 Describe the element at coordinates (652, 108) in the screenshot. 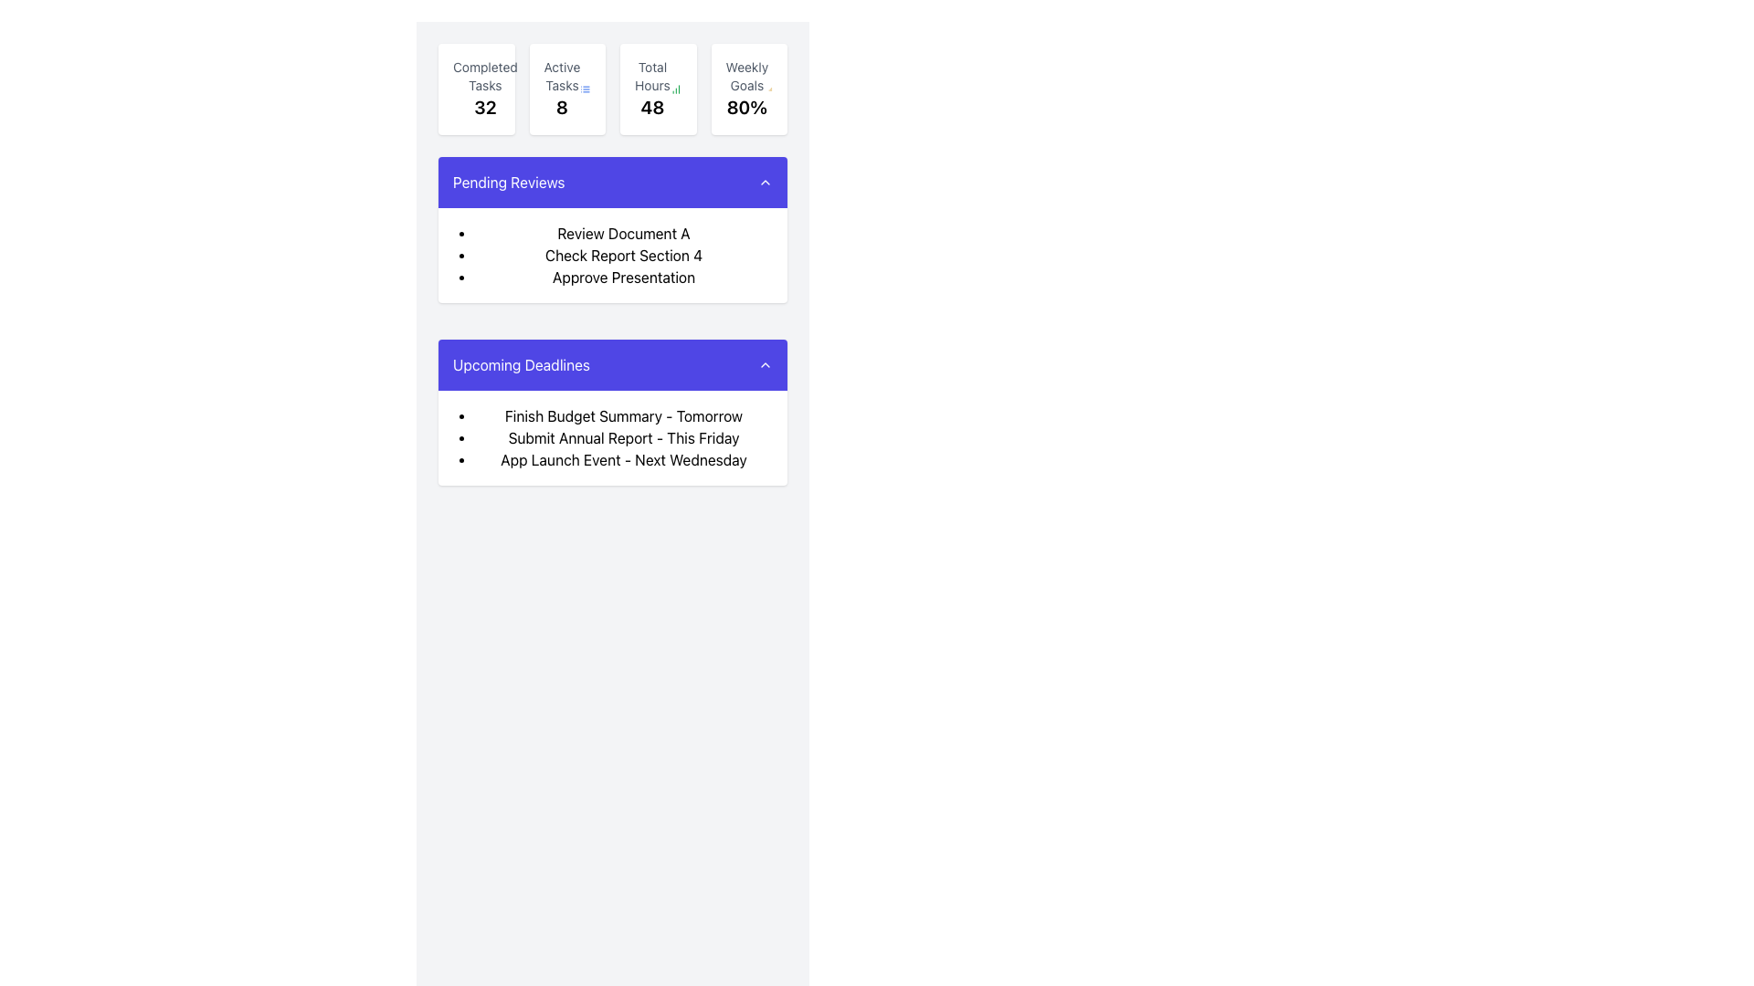

I see `the 'Total Hours' numeric display, which shows the total hours associated with the summarized data and is the third element in the top row of summary statistics` at that location.